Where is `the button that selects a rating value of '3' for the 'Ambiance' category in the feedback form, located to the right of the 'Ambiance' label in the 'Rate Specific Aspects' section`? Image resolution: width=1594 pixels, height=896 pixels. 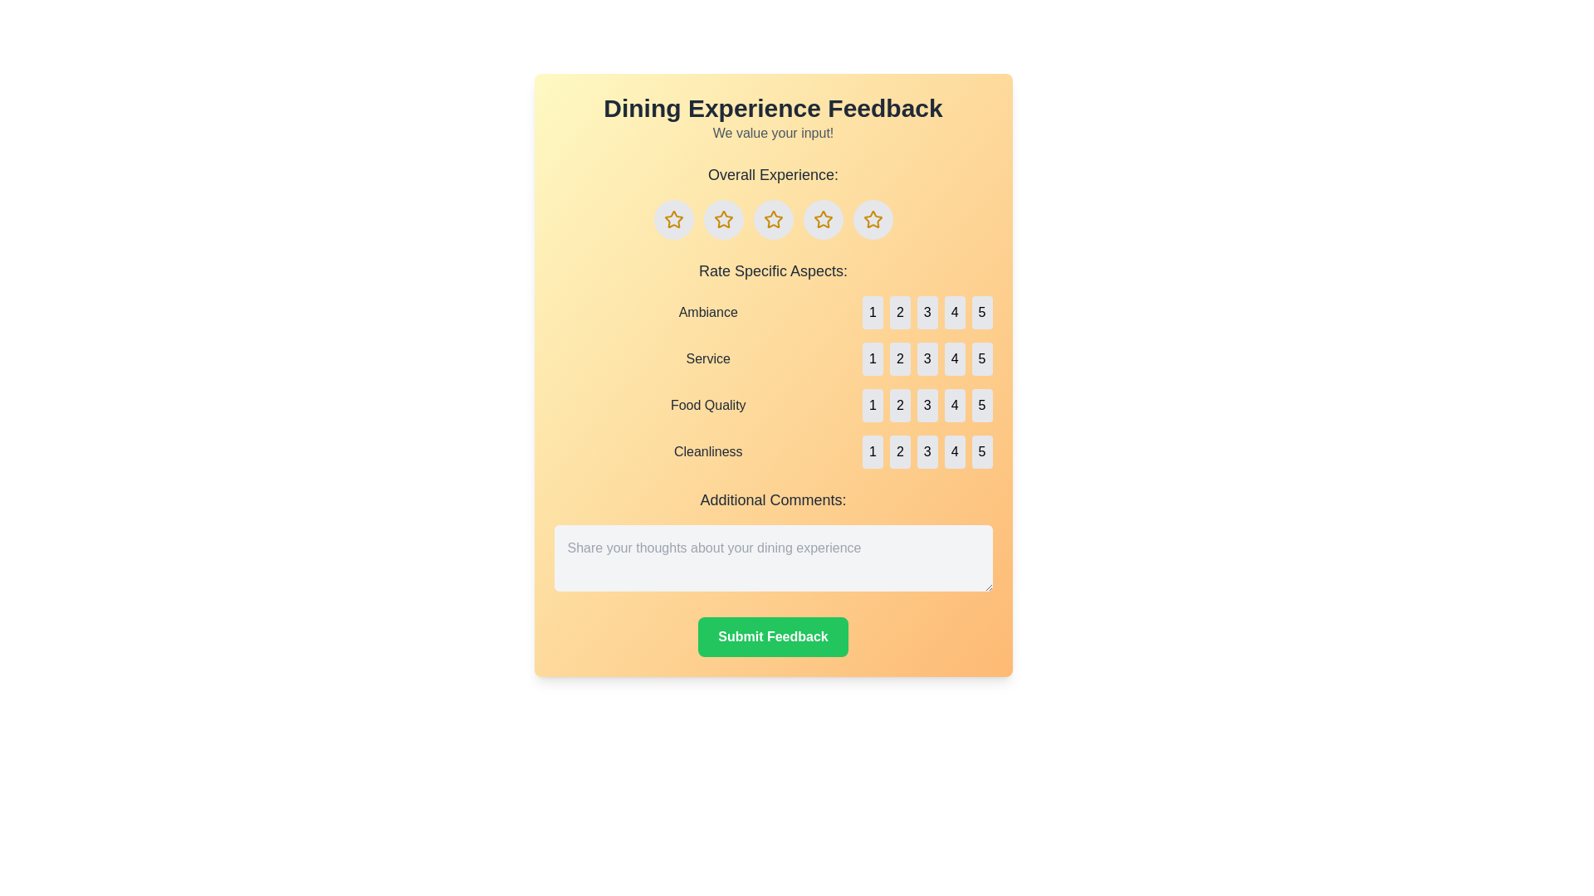
the button that selects a rating value of '3' for the 'Ambiance' category in the feedback form, located to the right of the 'Ambiance' label in the 'Rate Specific Aspects' section is located at coordinates (927, 313).